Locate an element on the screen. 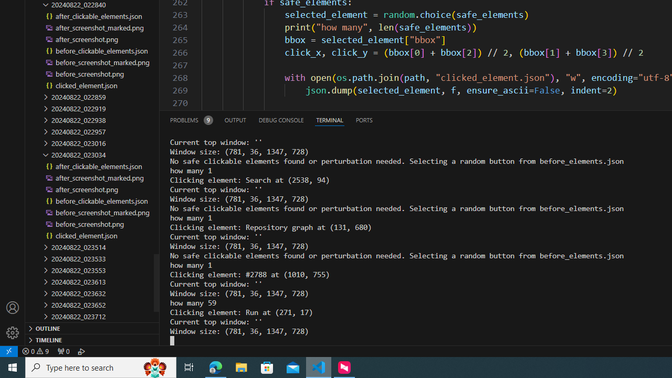  'Timeline Section' is located at coordinates (92, 339).